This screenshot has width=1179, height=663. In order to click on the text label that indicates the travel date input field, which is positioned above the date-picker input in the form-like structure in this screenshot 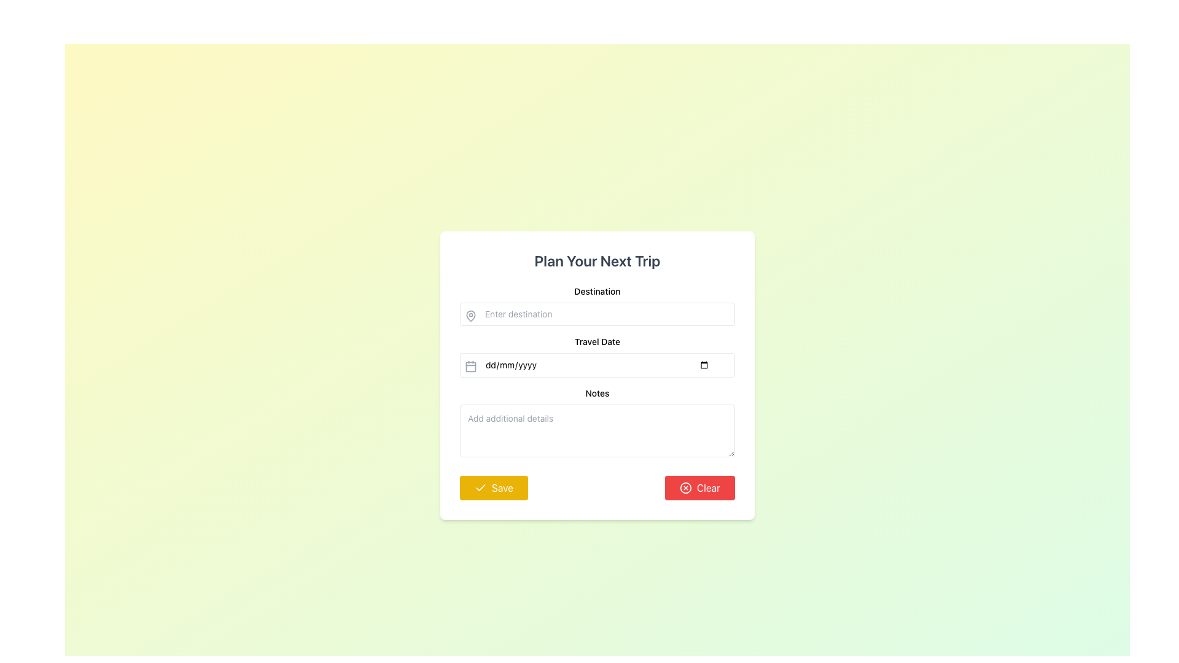, I will do `click(597, 341)`.